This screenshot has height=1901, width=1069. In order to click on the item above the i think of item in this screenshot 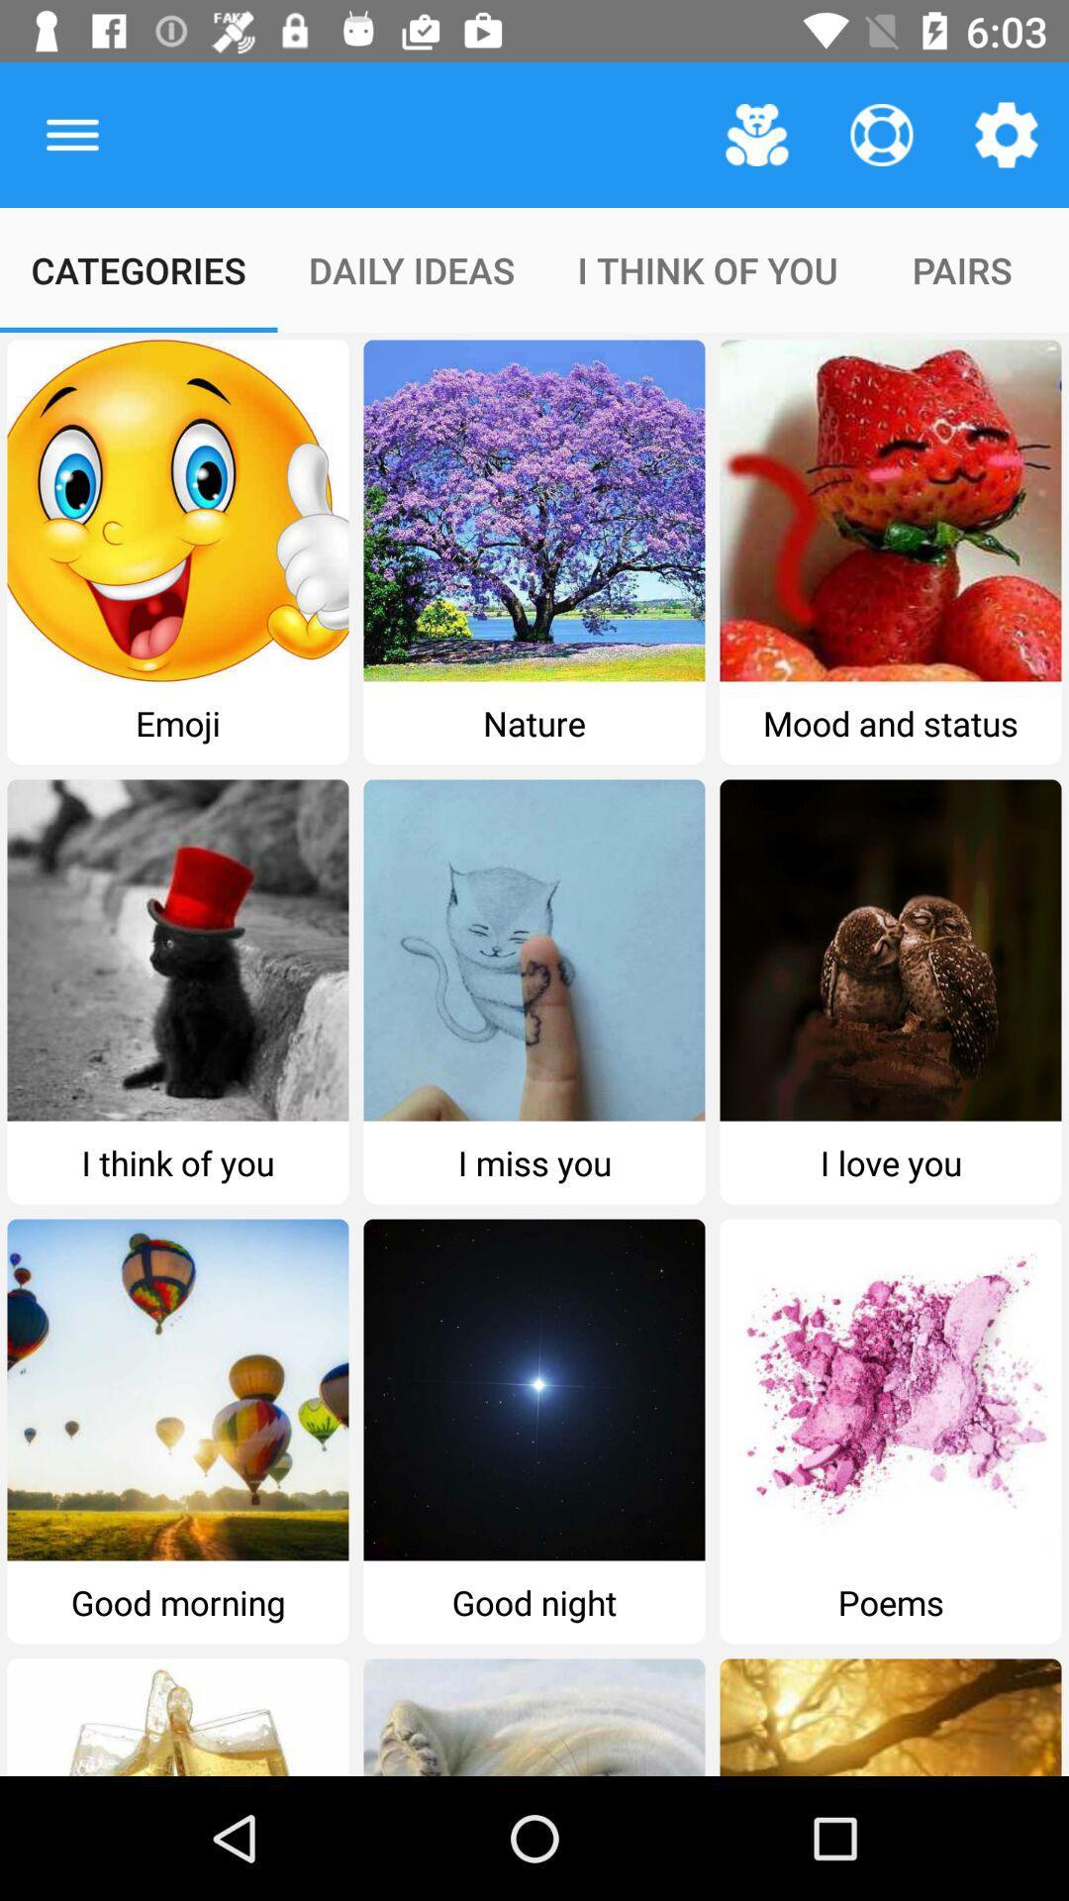, I will do `click(881, 134)`.